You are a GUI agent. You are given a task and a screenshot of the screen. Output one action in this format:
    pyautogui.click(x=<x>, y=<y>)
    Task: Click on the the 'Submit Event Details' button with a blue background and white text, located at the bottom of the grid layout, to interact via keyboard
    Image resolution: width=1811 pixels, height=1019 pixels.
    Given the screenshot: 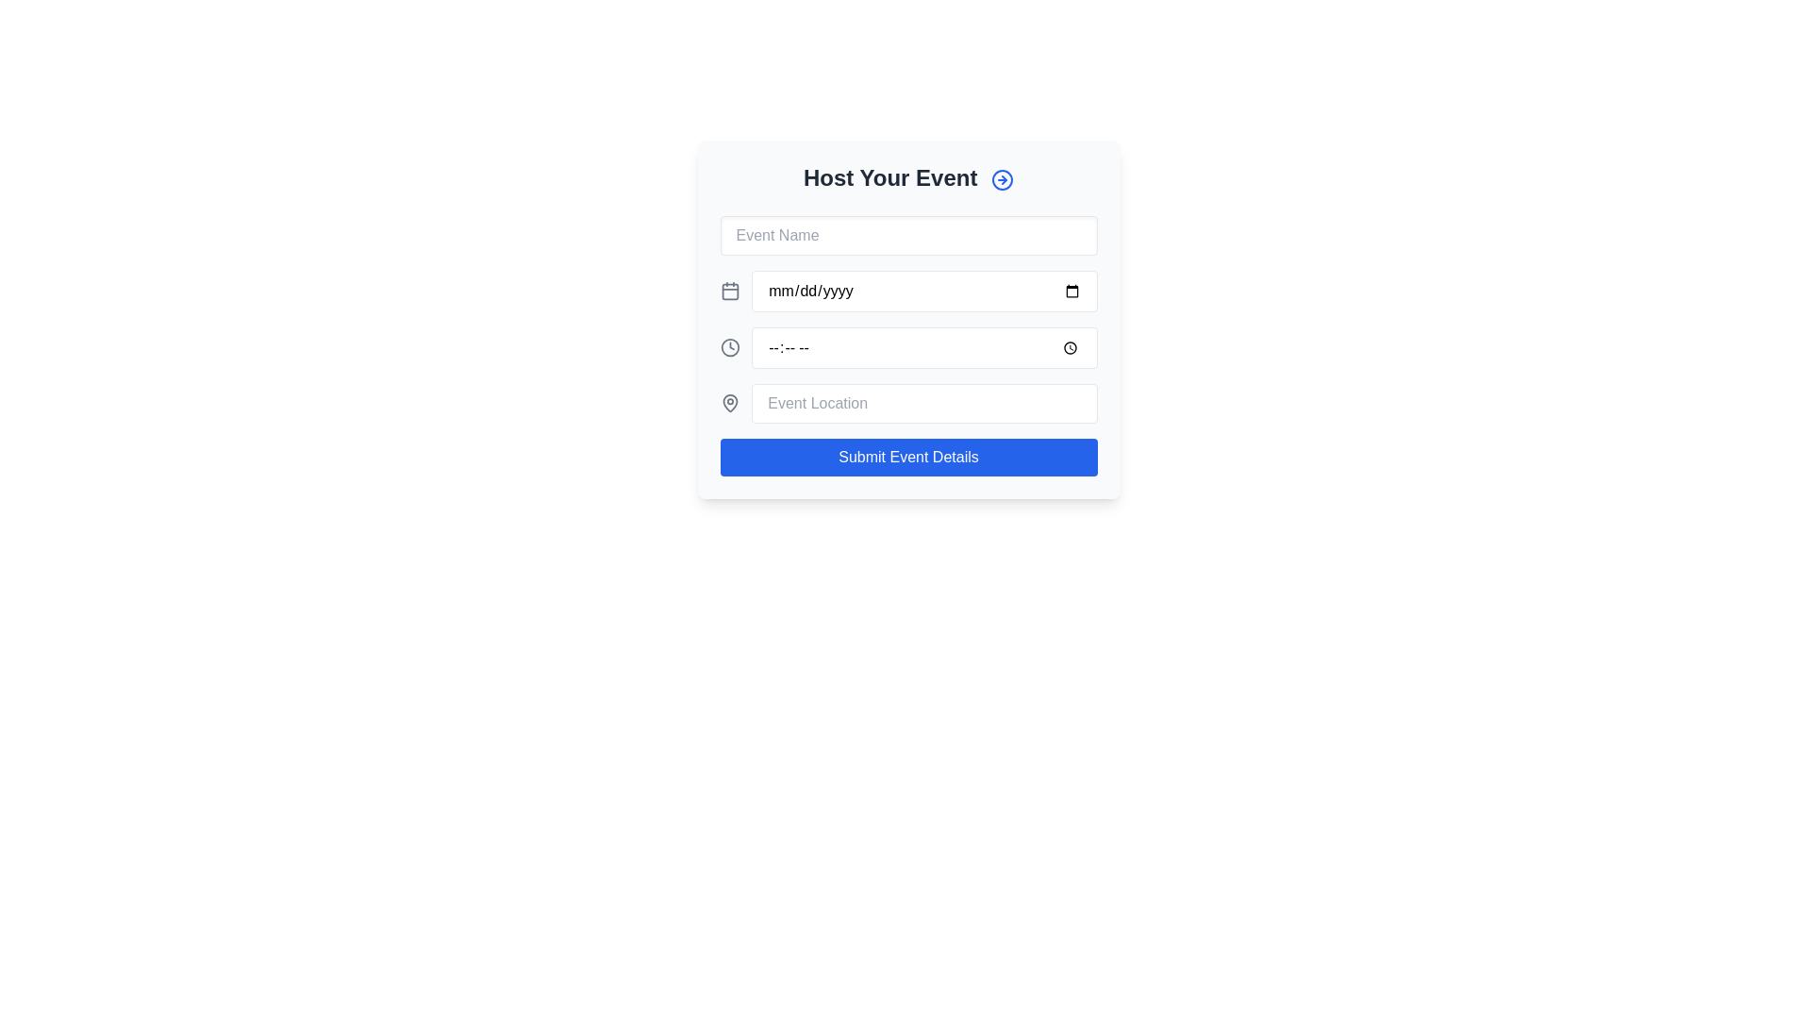 What is the action you would take?
    pyautogui.click(x=908, y=458)
    